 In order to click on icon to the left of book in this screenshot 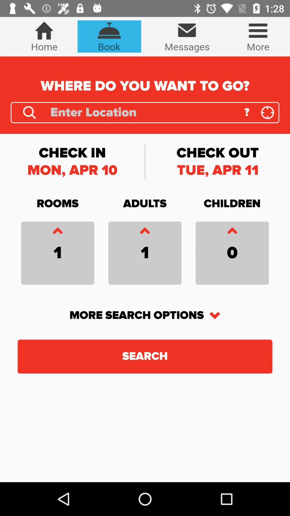, I will do `click(44, 36)`.